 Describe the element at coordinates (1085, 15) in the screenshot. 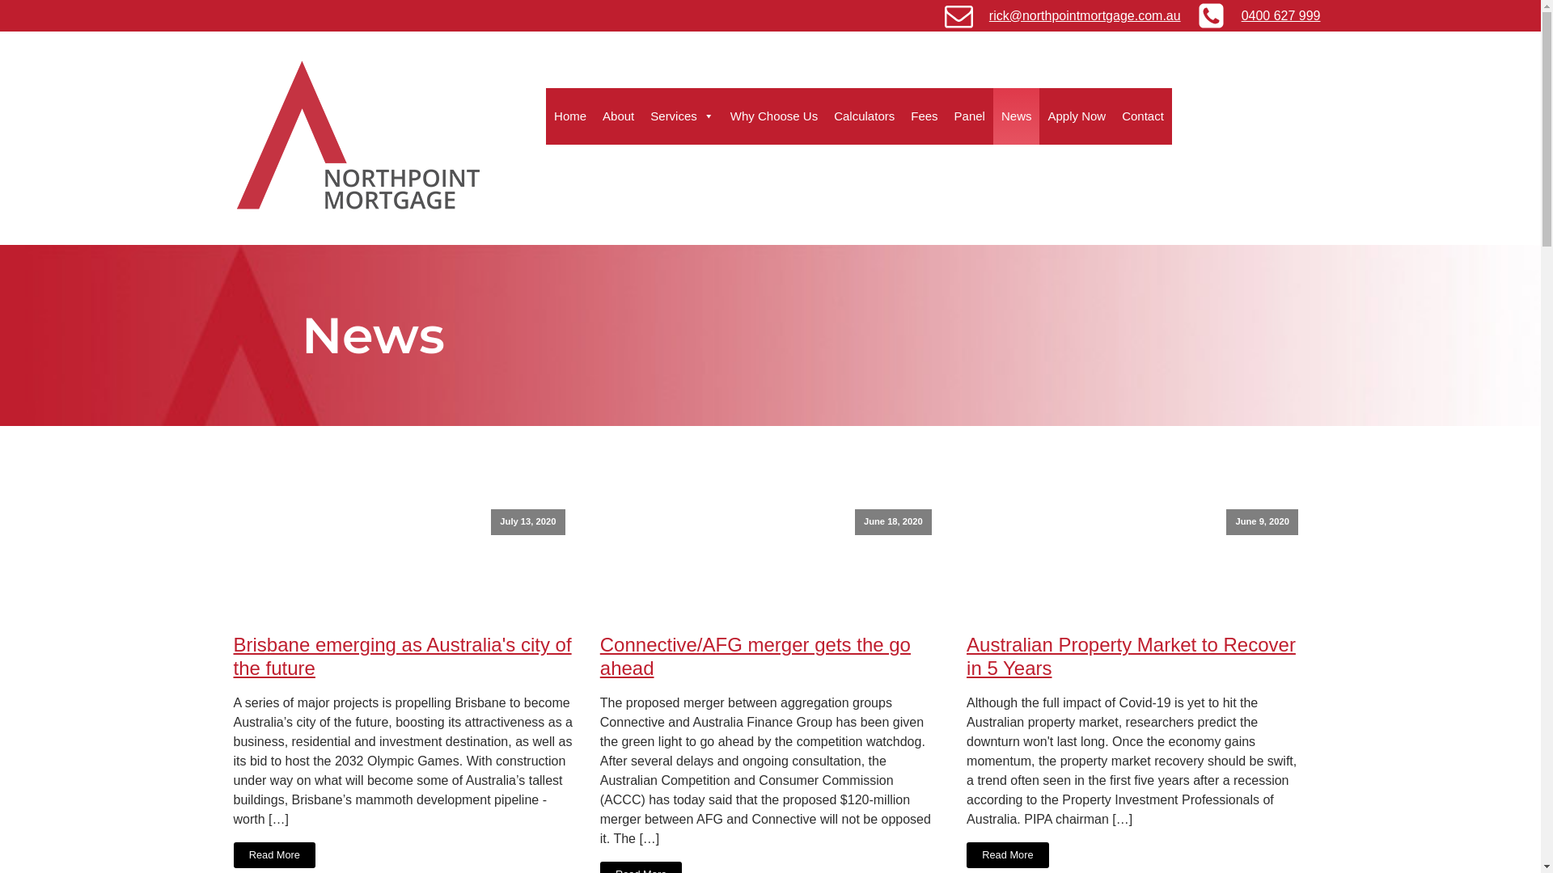

I see `'rick@northpointmortgage.com.au'` at that location.